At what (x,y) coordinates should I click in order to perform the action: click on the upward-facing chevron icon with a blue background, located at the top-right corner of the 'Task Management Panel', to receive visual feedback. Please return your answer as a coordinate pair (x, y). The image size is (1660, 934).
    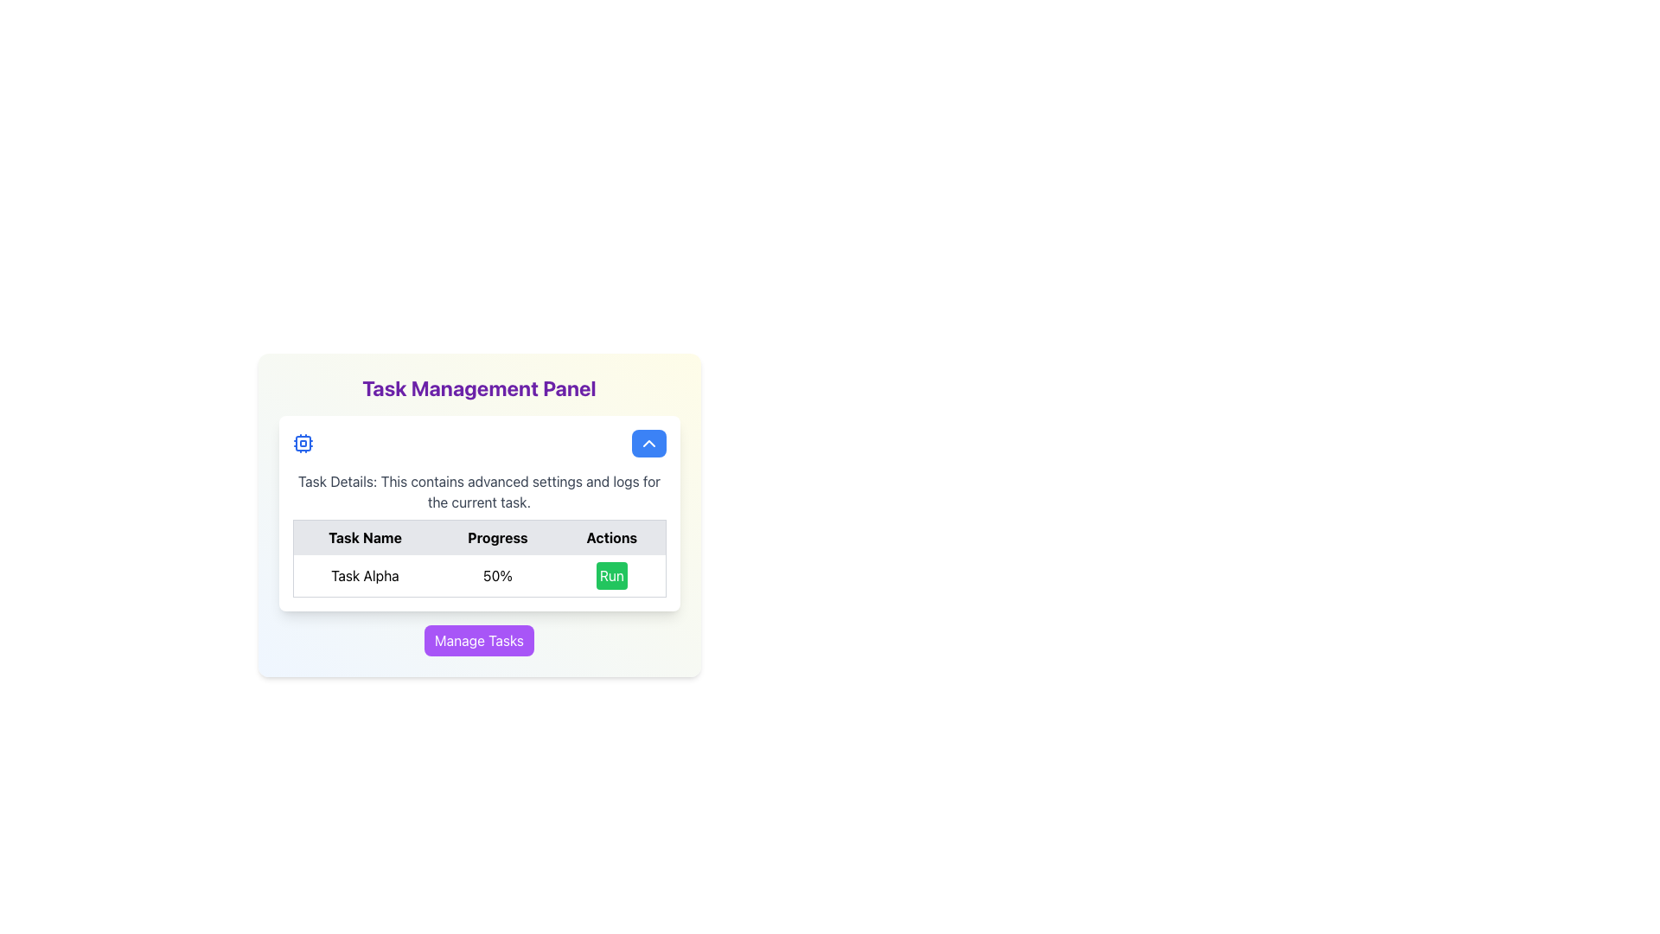
    Looking at the image, I should click on (648, 443).